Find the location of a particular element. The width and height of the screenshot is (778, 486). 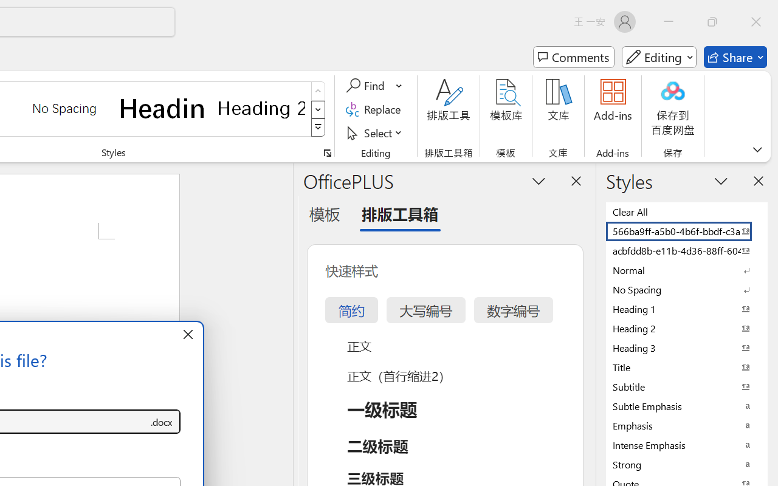

'Replace...' is located at coordinates (374, 109).